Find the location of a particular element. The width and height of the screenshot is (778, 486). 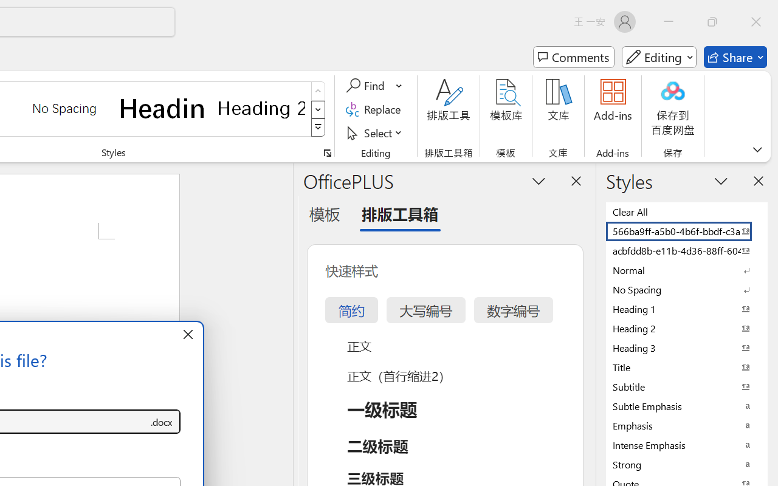

'Replace...' is located at coordinates (374, 109).